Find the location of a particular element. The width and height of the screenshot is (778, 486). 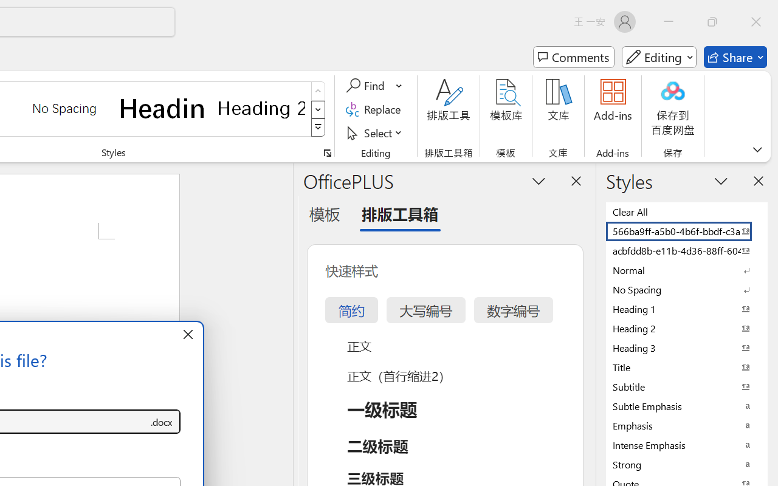

'Replace...' is located at coordinates (374, 109).